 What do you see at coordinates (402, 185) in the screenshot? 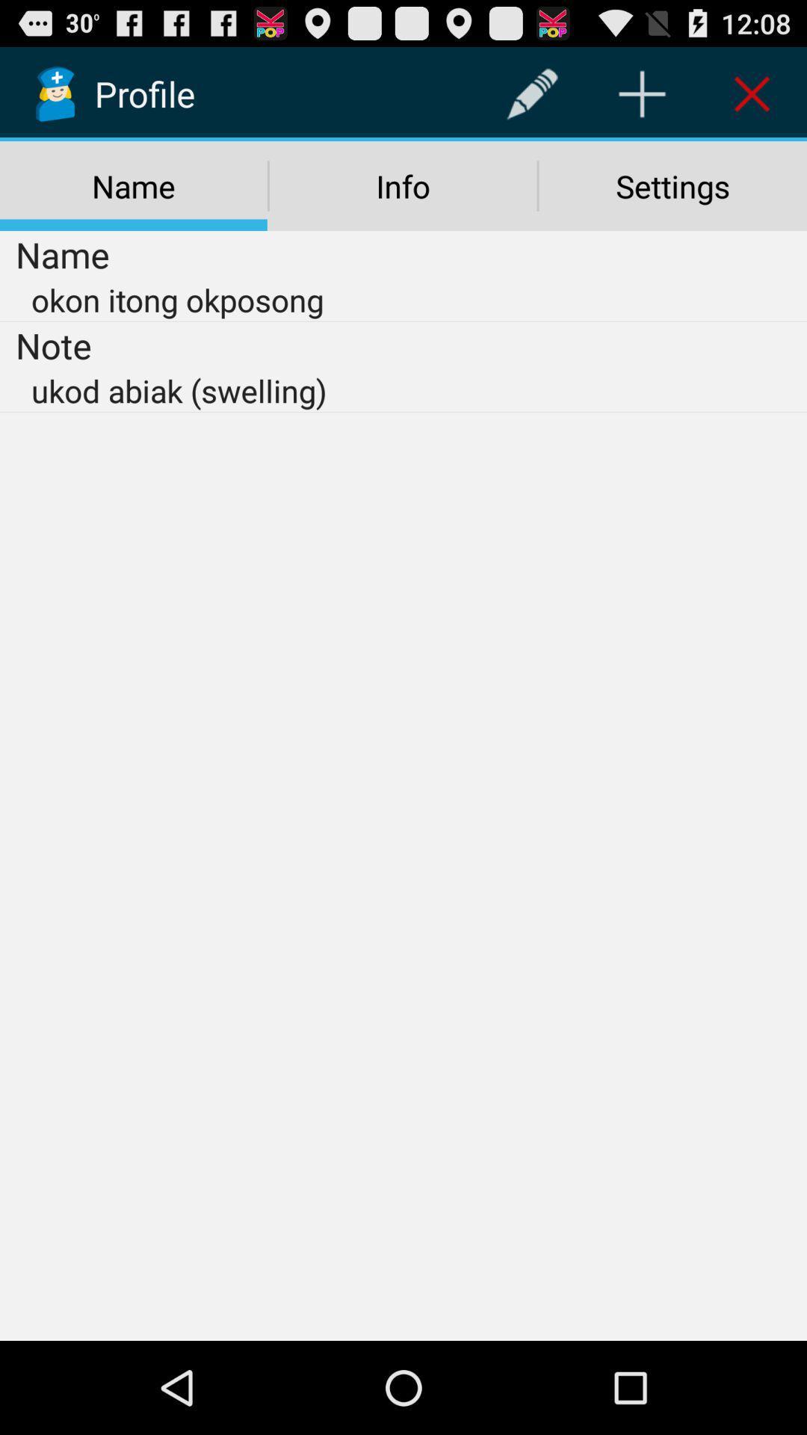
I see `info icon` at bounding box center [402, 185].